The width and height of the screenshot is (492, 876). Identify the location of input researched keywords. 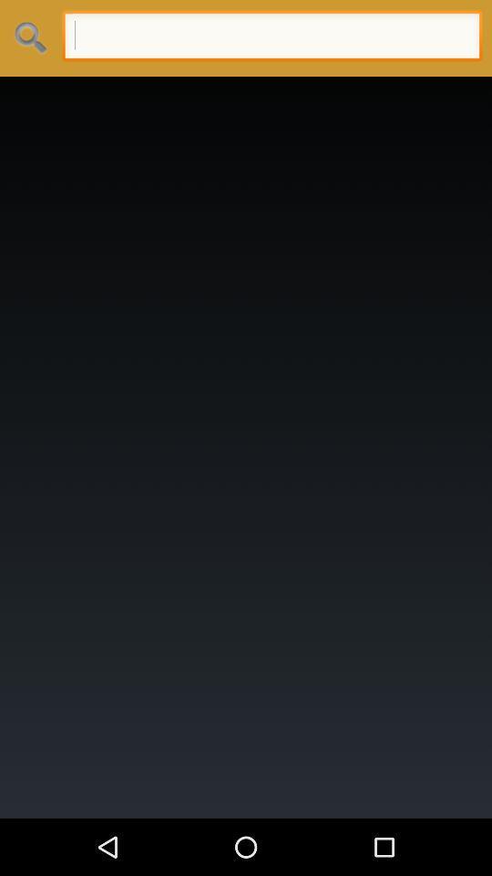
(271, 37).